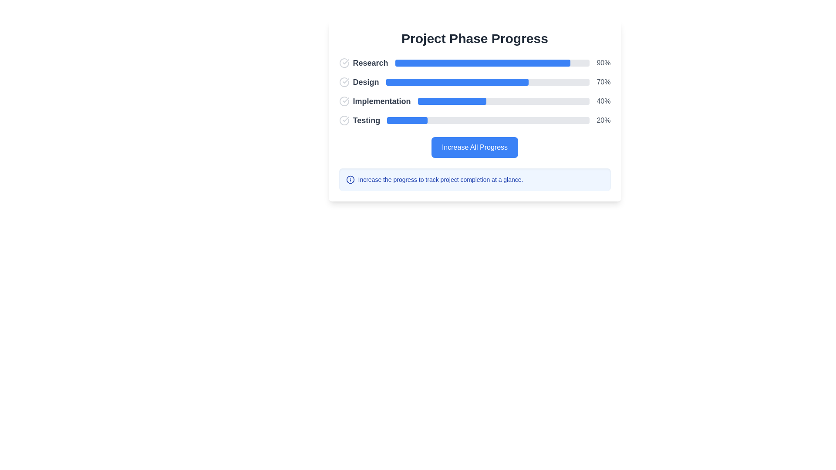  Describe the element at coordinates (482, 63) in the screenshot. I see `the Progress Bar representing the completion progress of the 'Research' phase in the 'Project Phase Progress' section` at that location.